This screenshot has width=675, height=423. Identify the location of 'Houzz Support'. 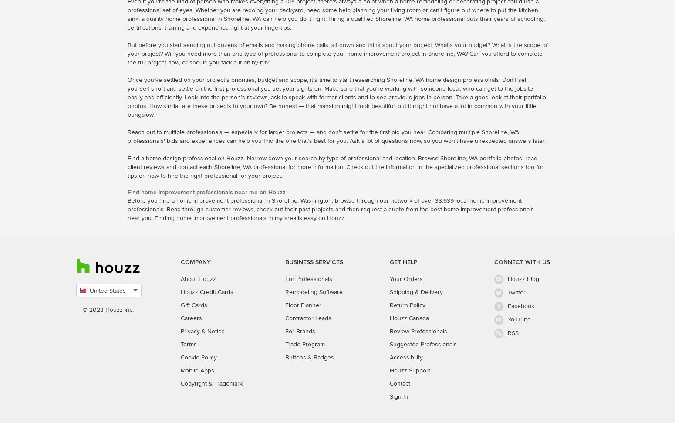
(389, 369).